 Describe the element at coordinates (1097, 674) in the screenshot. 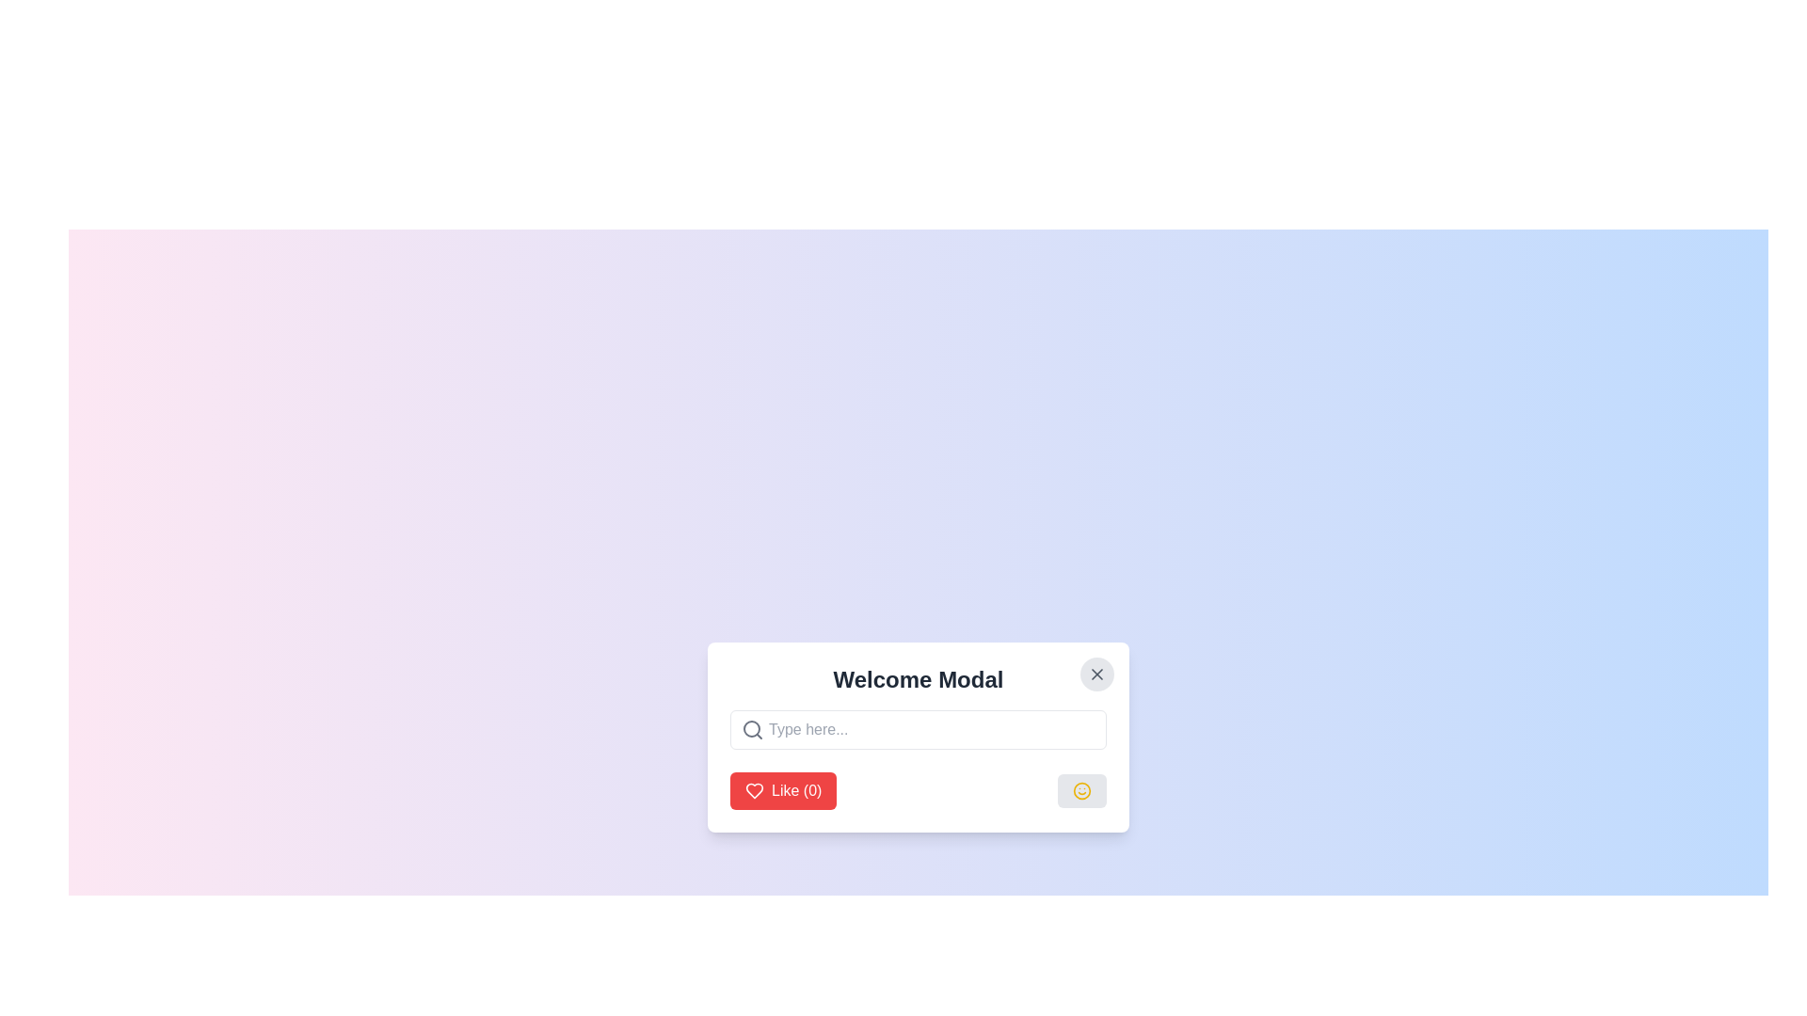

I see `the close button located at the top-right corner of the 'Welcome Modal'` at that location.